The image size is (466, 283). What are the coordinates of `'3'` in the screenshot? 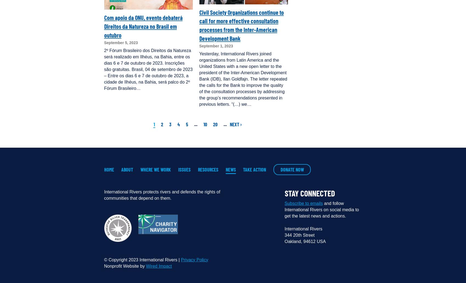 It's located at (170, 124).